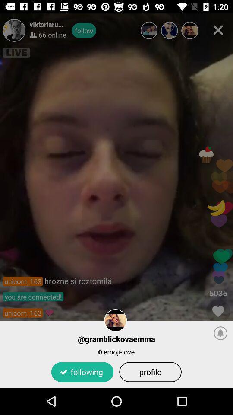 This screenshot has height=415, width=233. Describe the element at coordinates (150, 371) in the screenshot. I see `the icon next to following icon` at that location.